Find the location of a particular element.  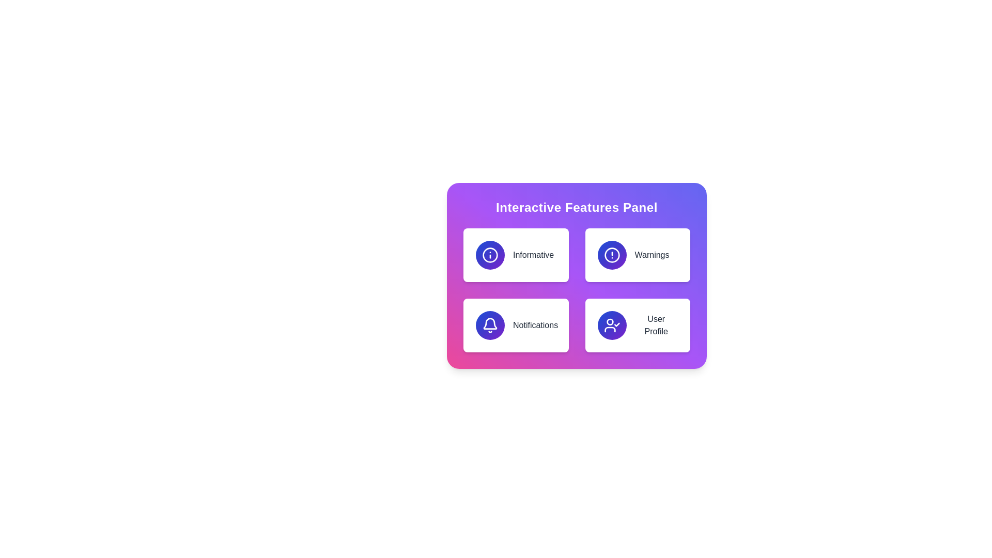

the Text Label indicating the user profile feature in the bottom-right section of the Interactive Features Panel is located at coordinates (656, 324).